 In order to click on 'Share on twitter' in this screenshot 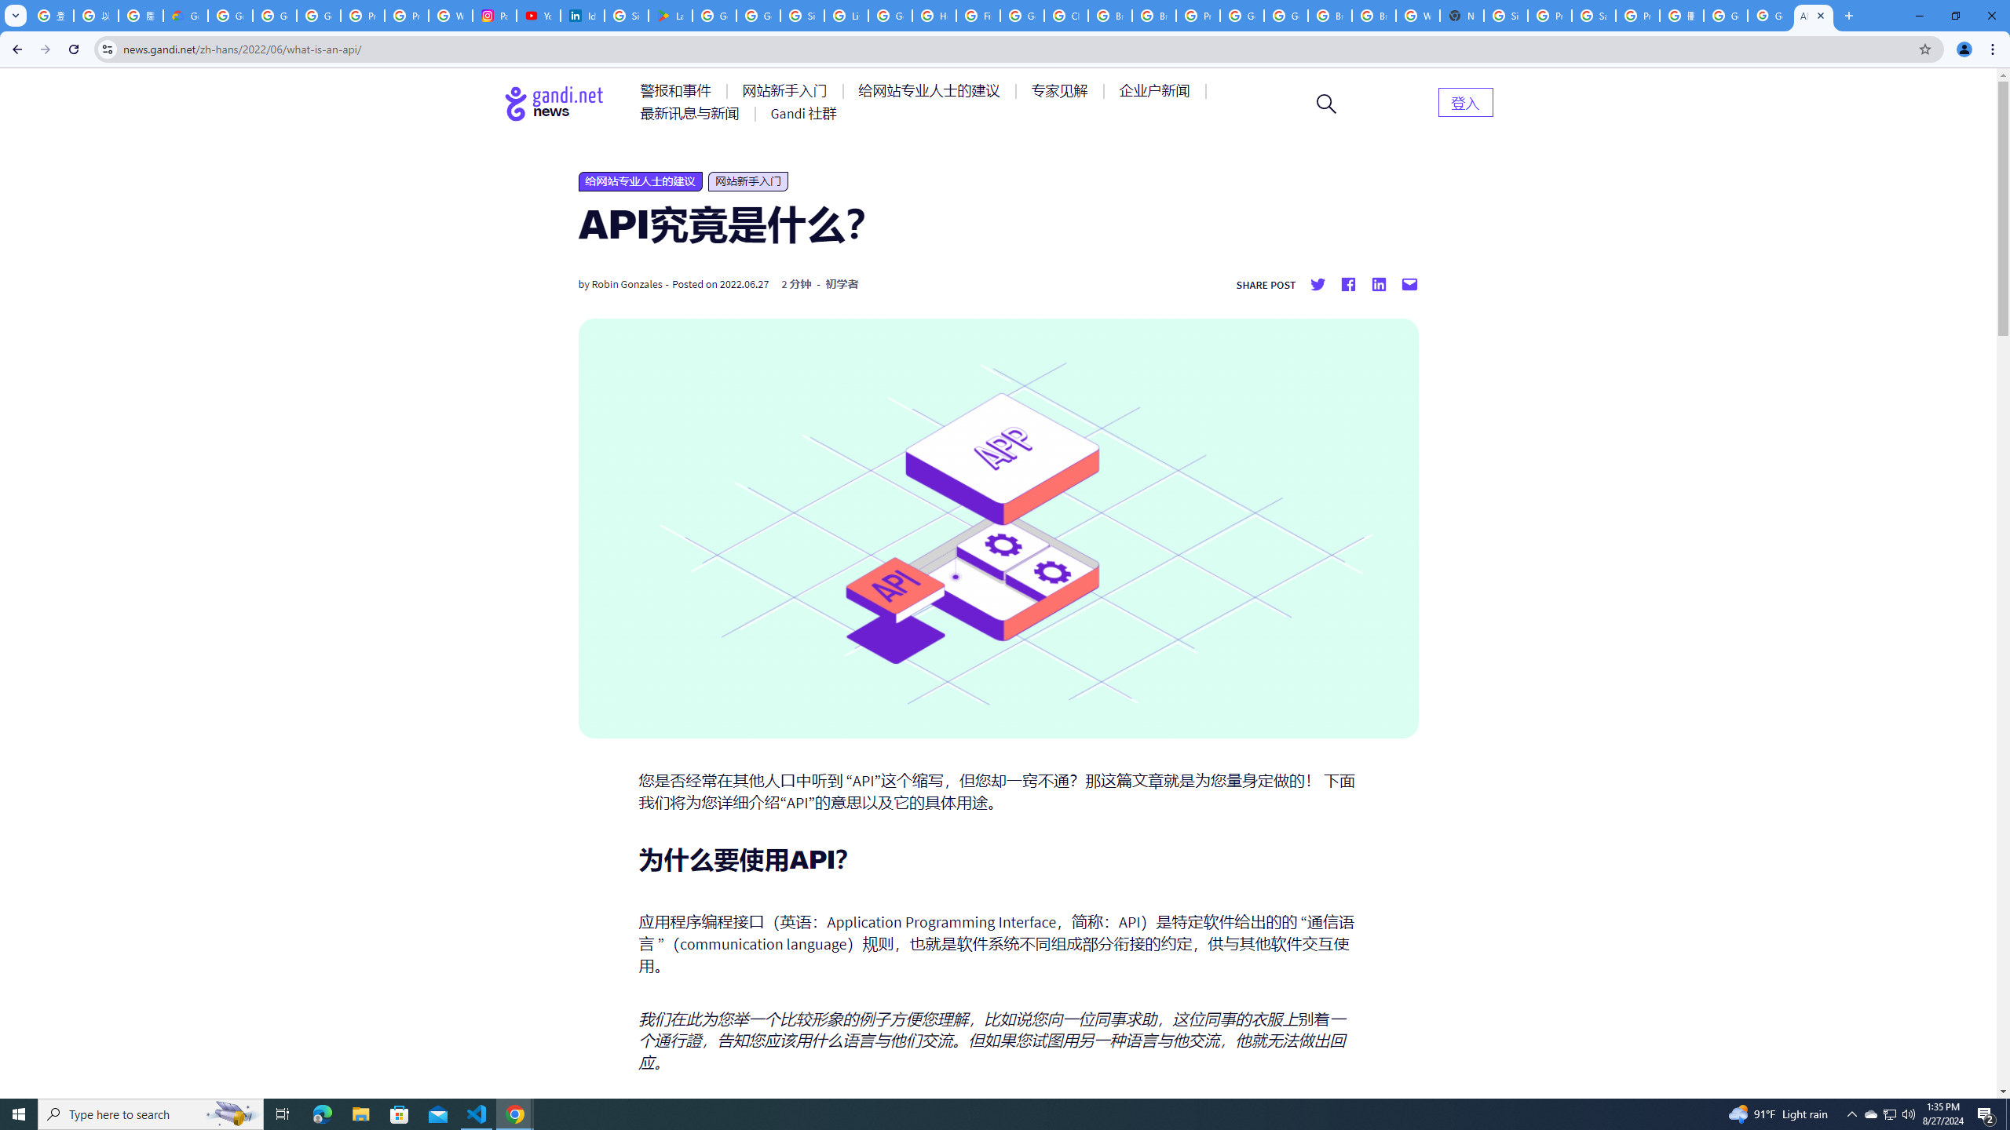, I will do `click(1317, 283)`.